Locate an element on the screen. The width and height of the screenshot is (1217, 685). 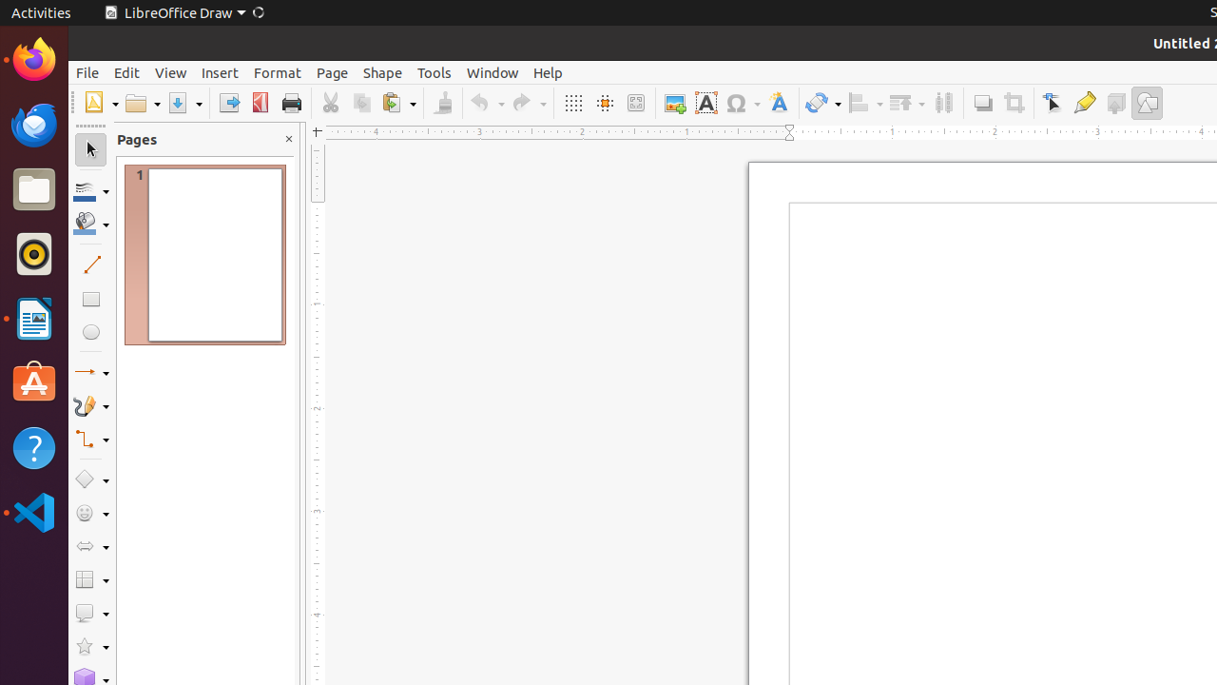
'Helplines While Moving' is located at coordinates (603, 103).